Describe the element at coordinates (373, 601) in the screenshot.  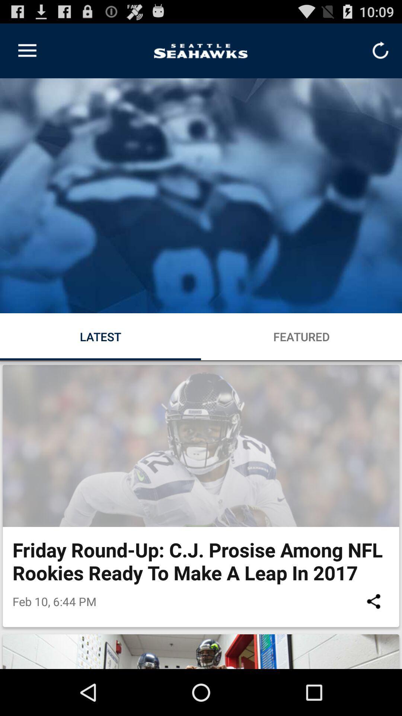
I see `the item at the bottom right corner` at that location.